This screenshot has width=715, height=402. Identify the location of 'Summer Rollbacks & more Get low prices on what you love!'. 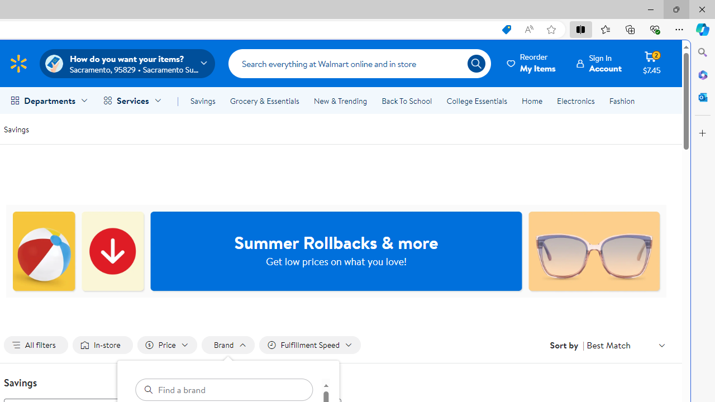
(336, 251).